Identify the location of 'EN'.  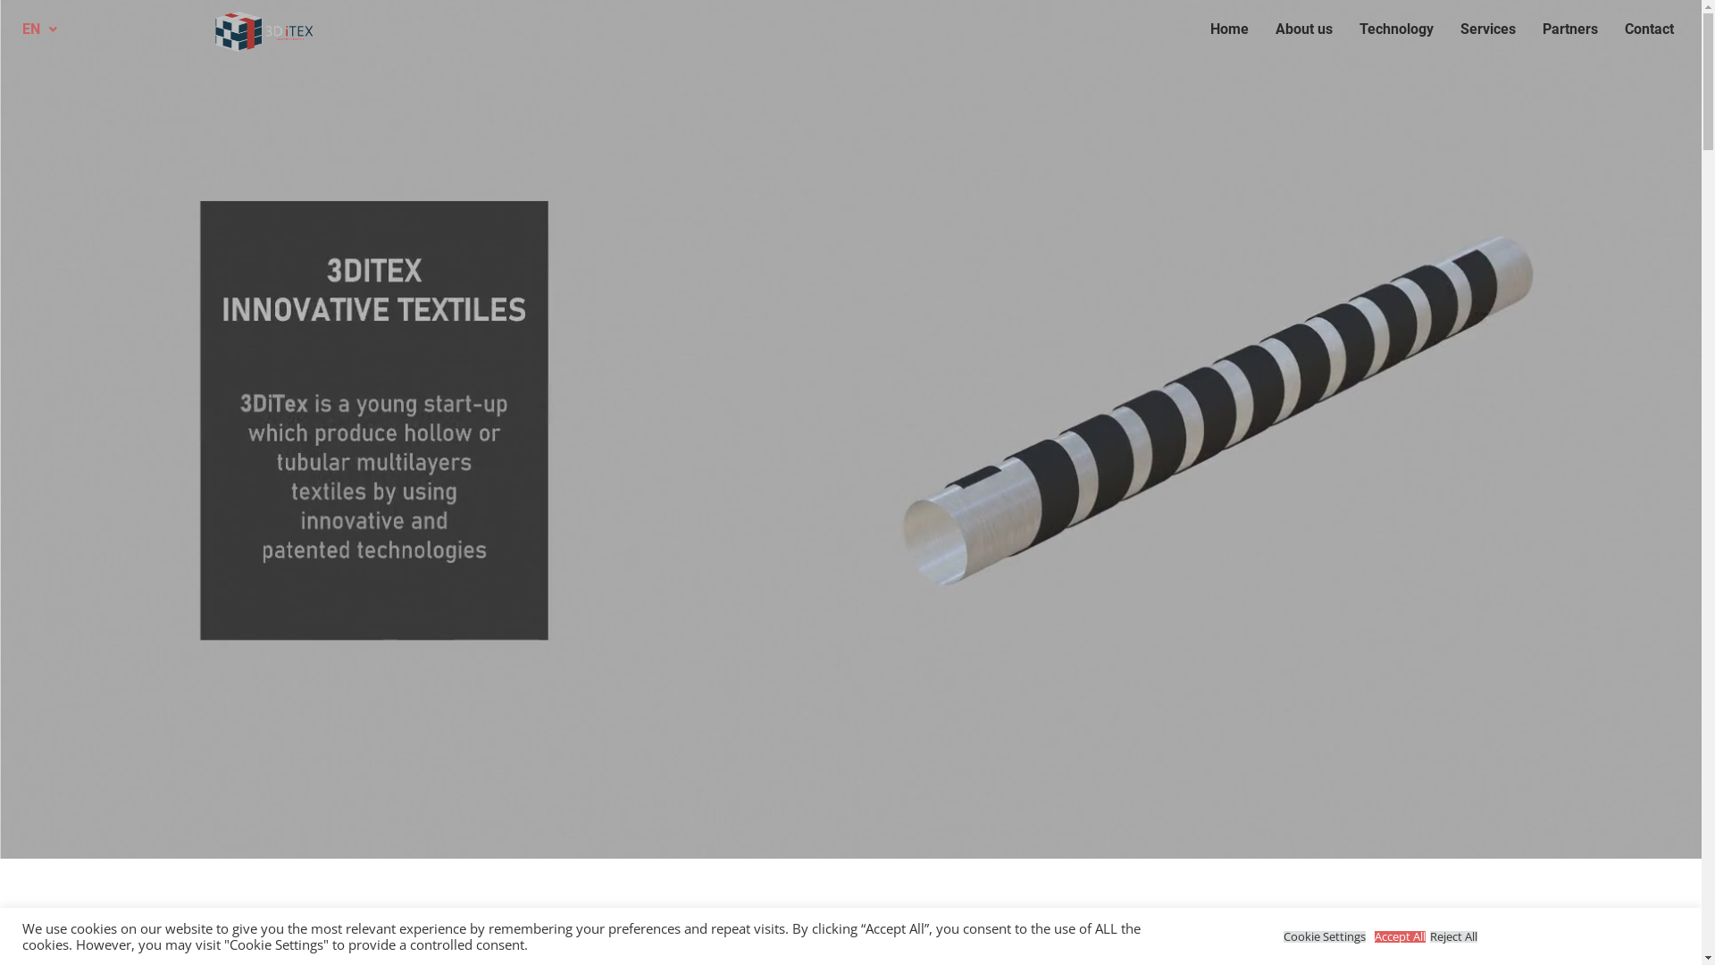
(39, 29).